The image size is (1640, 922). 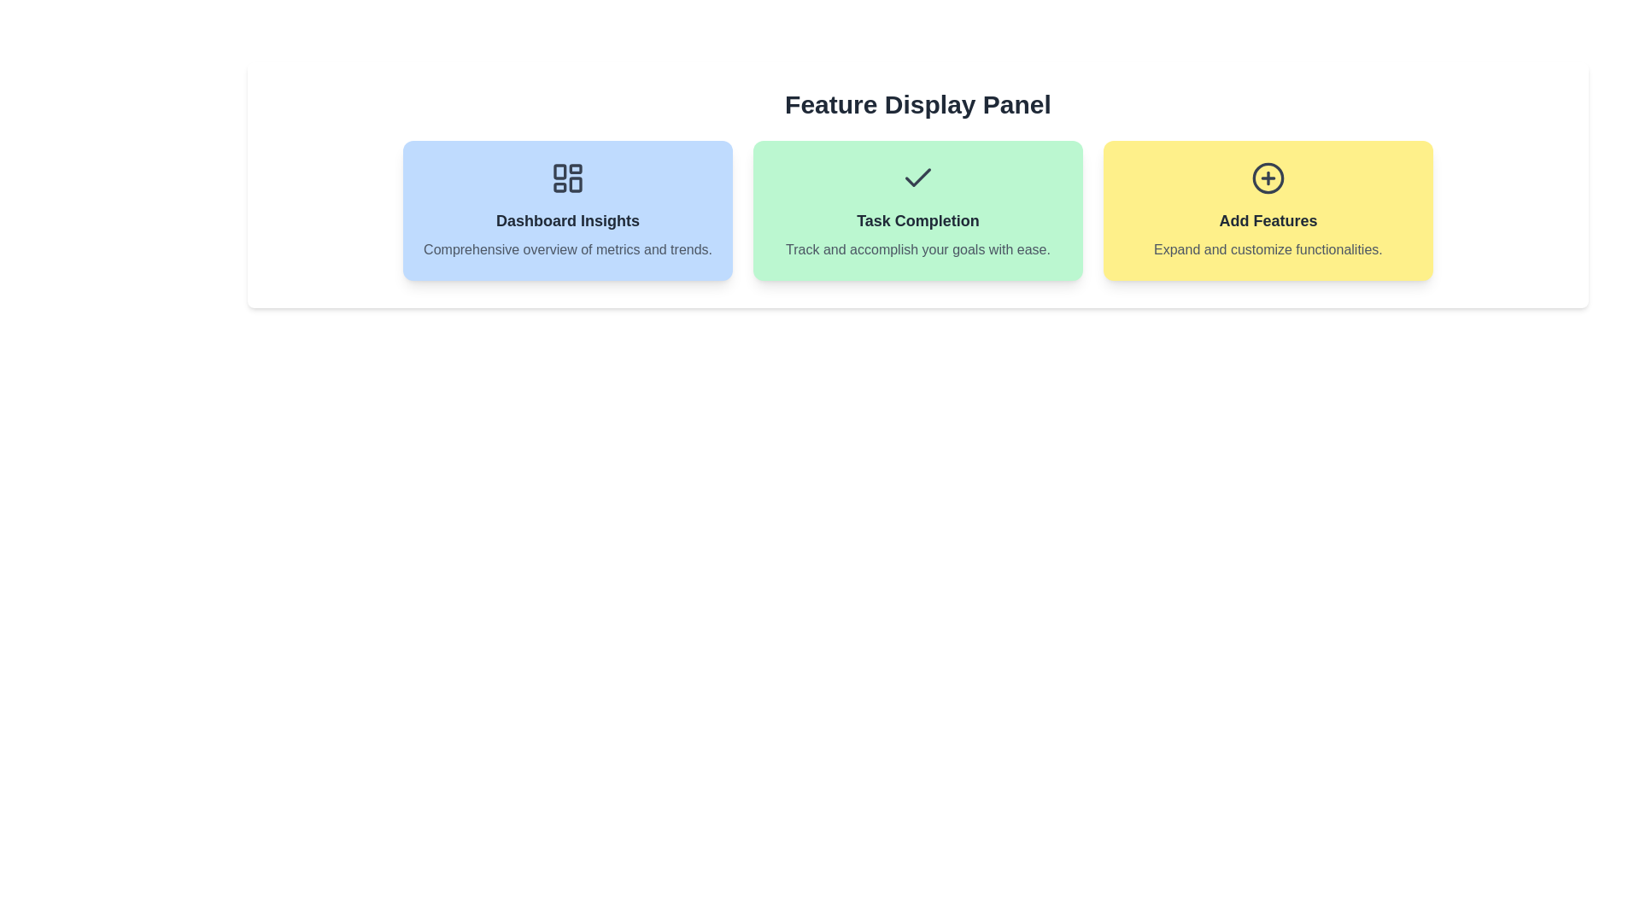 What do you see at coordinates (917, 209) in the screenshot?
I see `the Informational card titled 'Task Completion'` at bounding box center [917, 209].